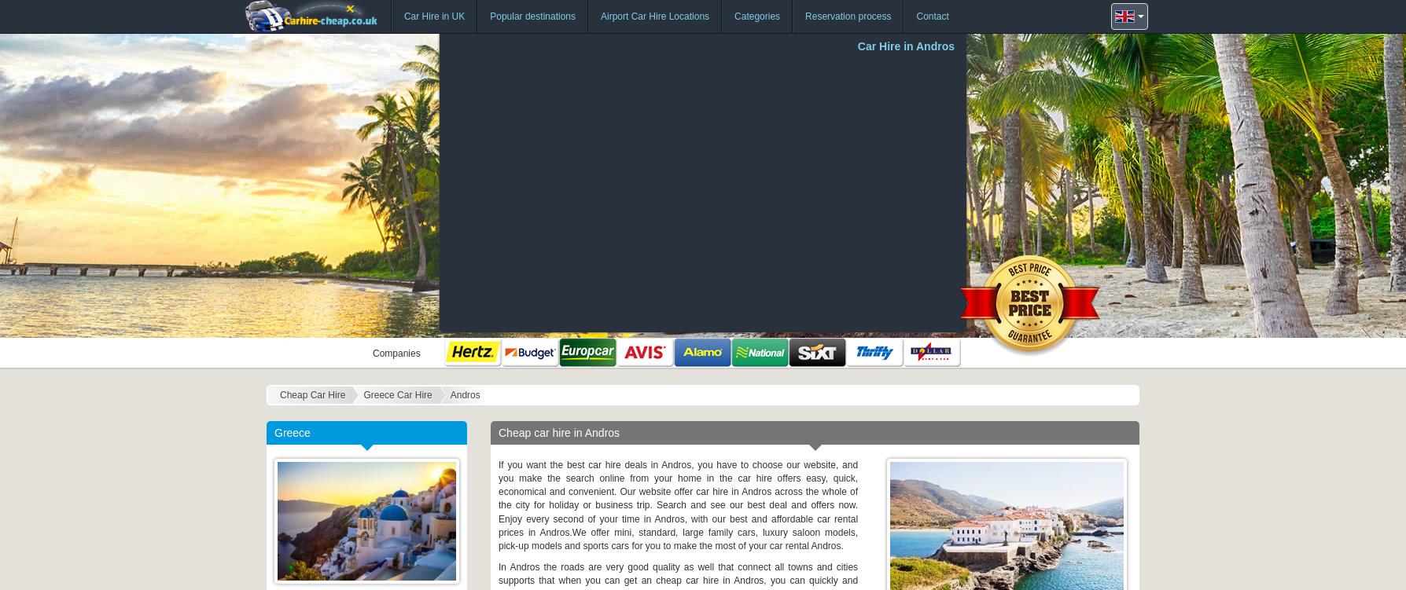 This screenshot has width=1406, height=590. I want to click on 'Greece', so click(291, 432).